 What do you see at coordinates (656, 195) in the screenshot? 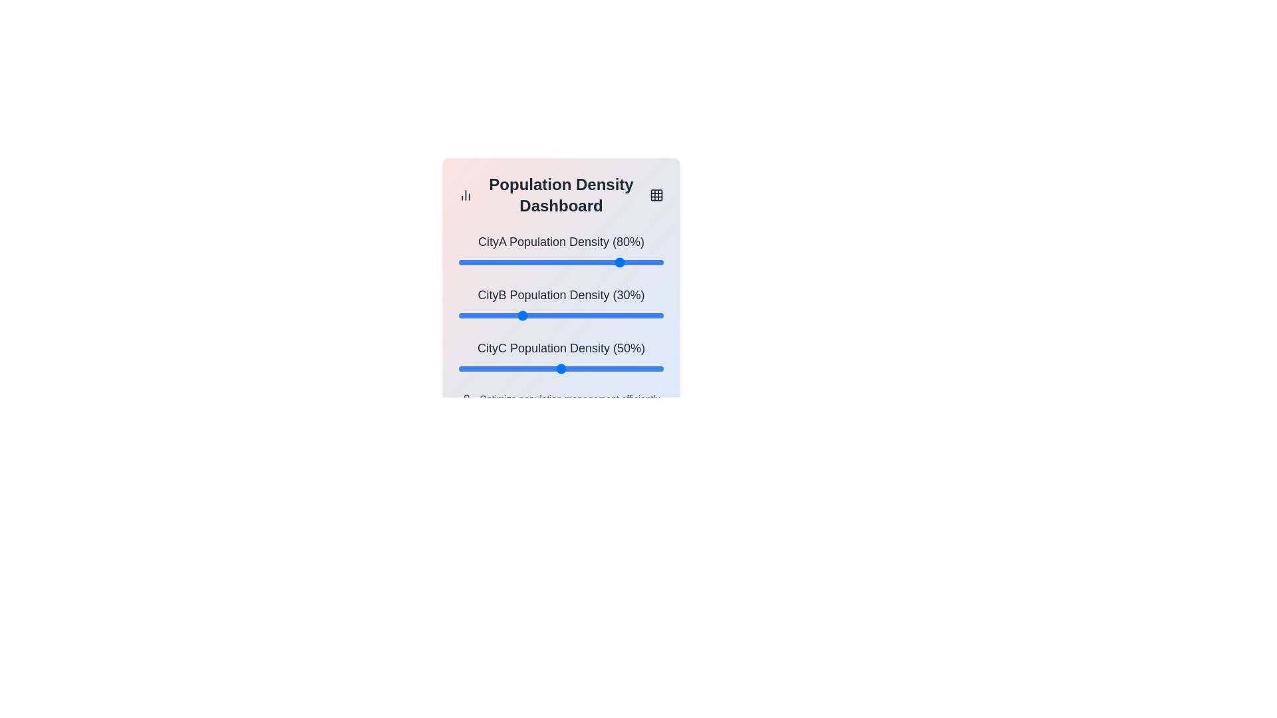
I see `the header icon grid_icon to access its functionality` at bounding box center [656, 195].